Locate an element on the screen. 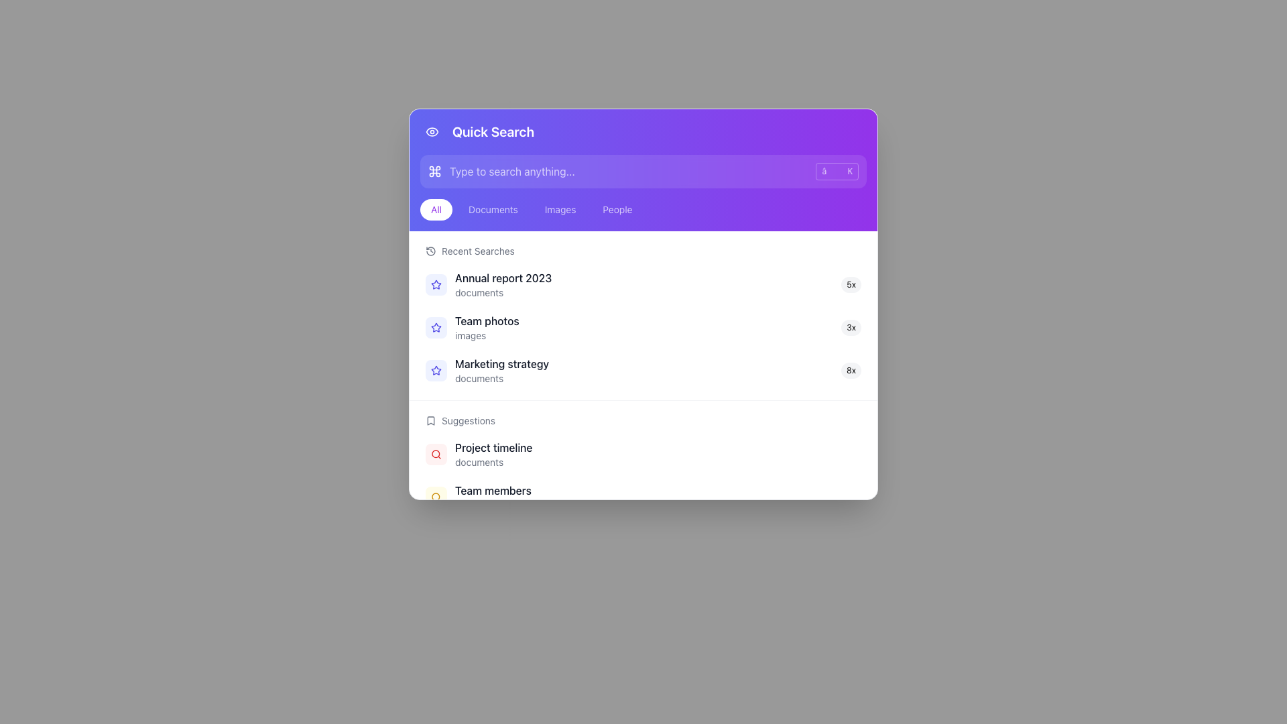 The width and height of the screenshot is (1287, 724). the 'Documents' button, which is the second button in a group of four at the top center of the interface is located at coordinates (492, 209).